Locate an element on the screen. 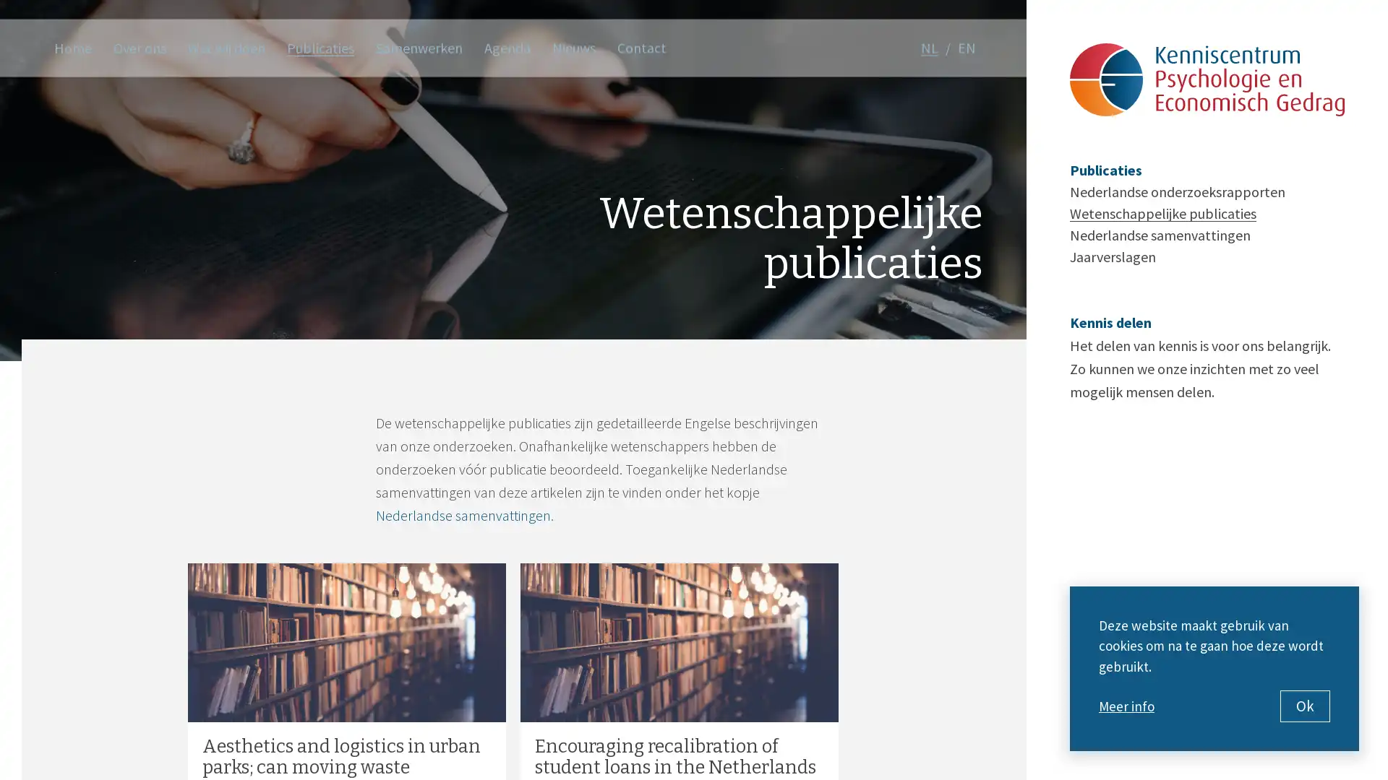 Image resolution: width=1388 pixels, height=780 pixels. Ok is located at coordinates (1305, 706).